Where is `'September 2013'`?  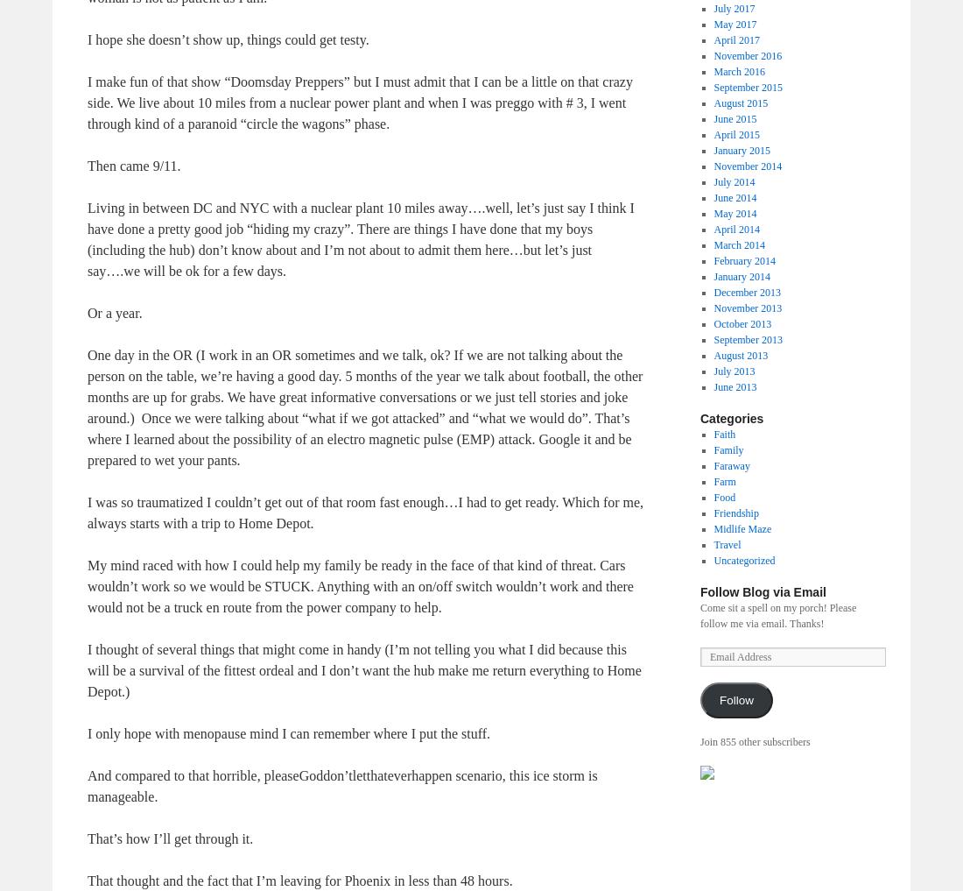
'September 2013' is located at coordinates (747, 337).